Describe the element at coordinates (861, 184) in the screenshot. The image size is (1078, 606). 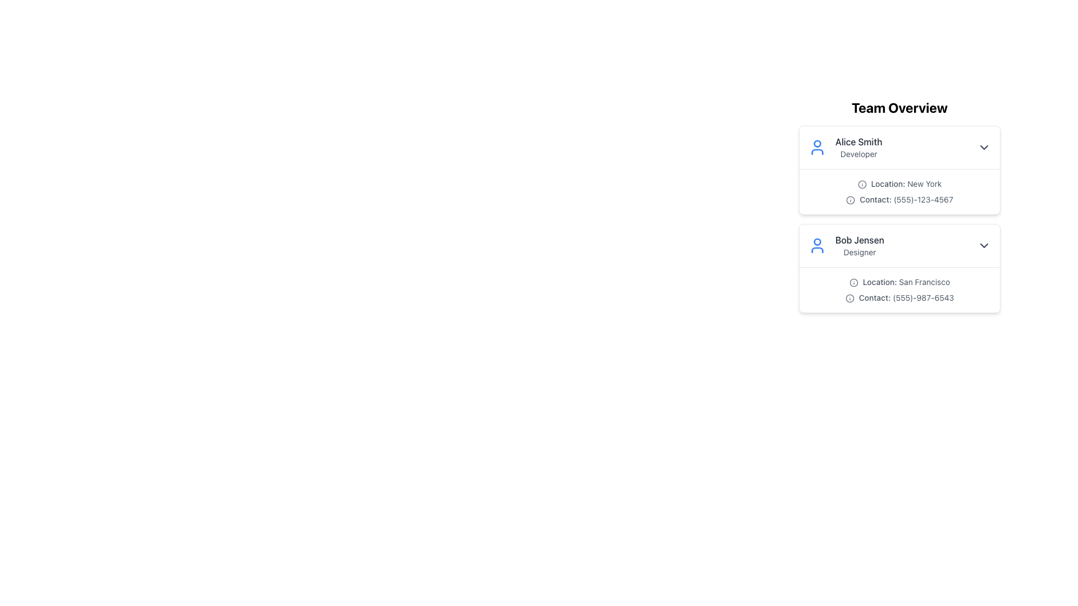
I see `icon that visually indicates geographic information next to the 'Location: New York' label for 'Alice Smith.'` at that location.